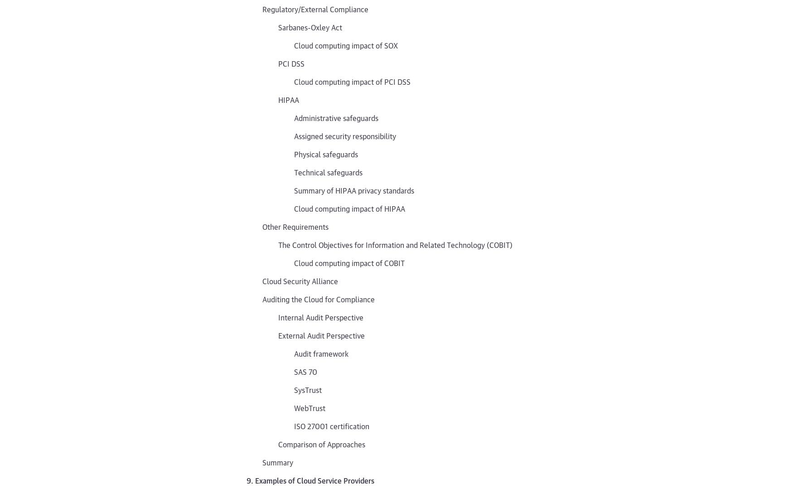  Describe the element at coordinates (261, 298) in the screenshot. I see `'Auditing the Cloud for Compliance'` at that location.